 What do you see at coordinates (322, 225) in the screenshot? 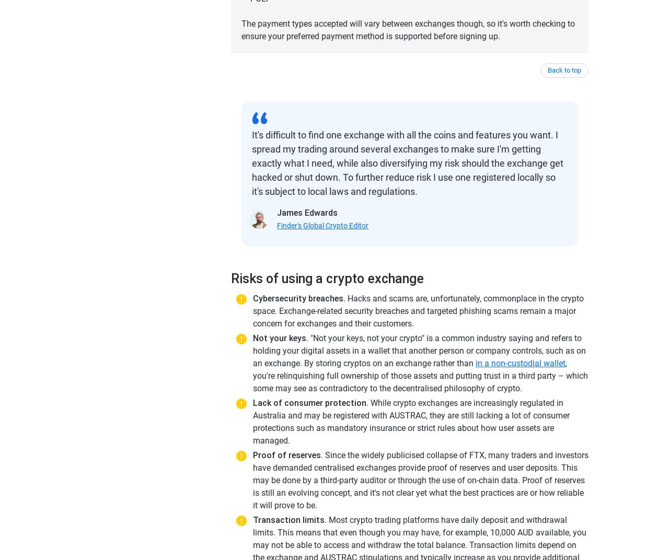
I see `'Finder's Global Crypto Editor'` at bounding box center [322, 225].